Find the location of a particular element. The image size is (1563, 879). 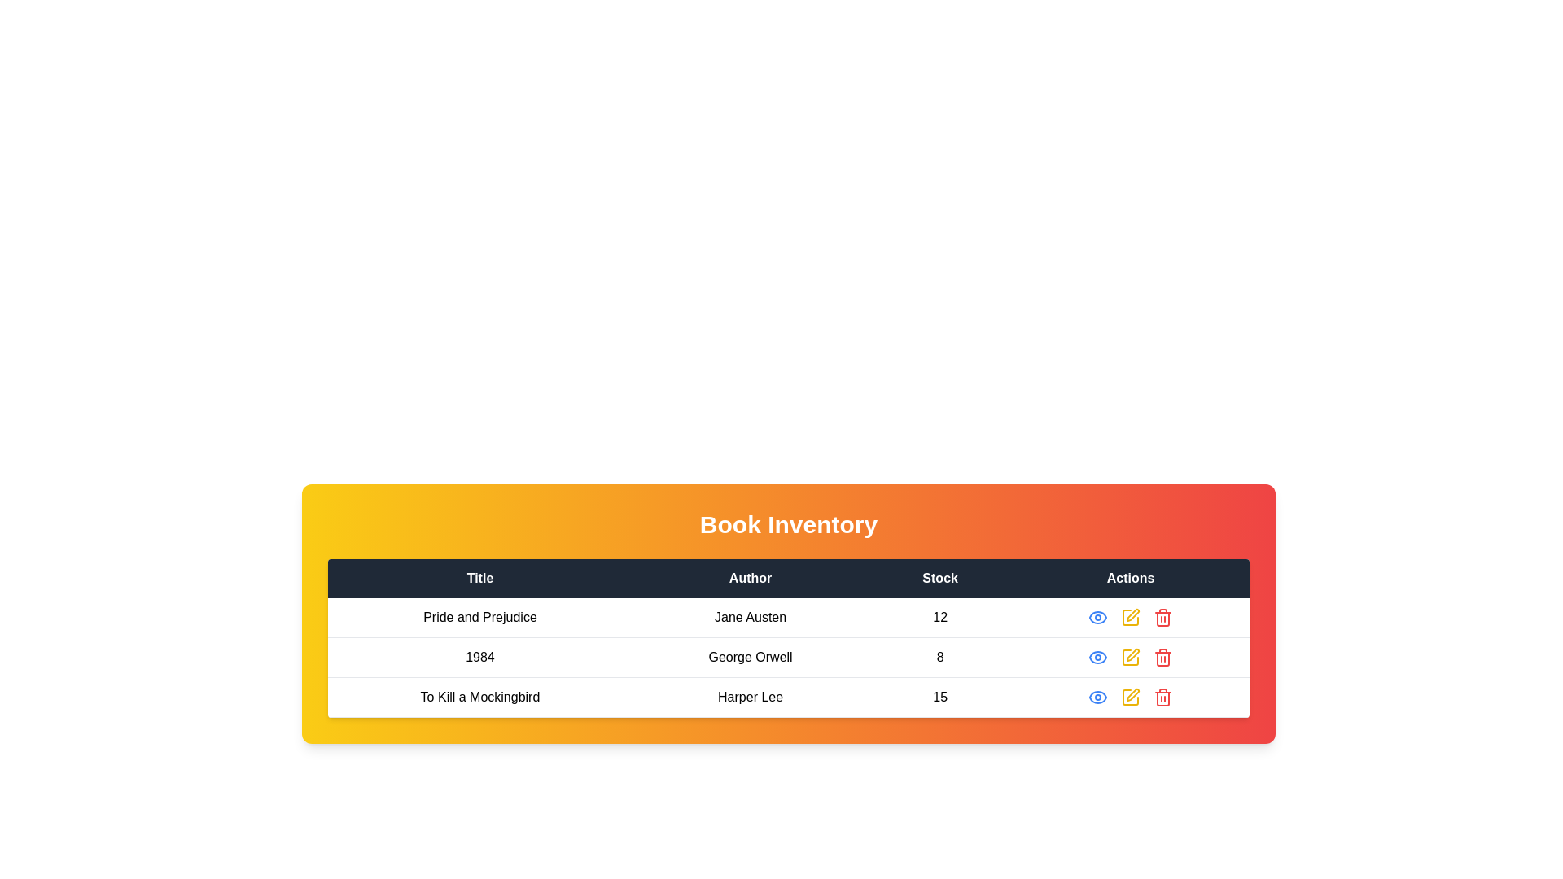

the header label for the 'Actions' column in the table, which is positioned at the top-right corner after the columns 'Title,' 'Author,' and 'Stock.' is located at coordinates (1130, 577).